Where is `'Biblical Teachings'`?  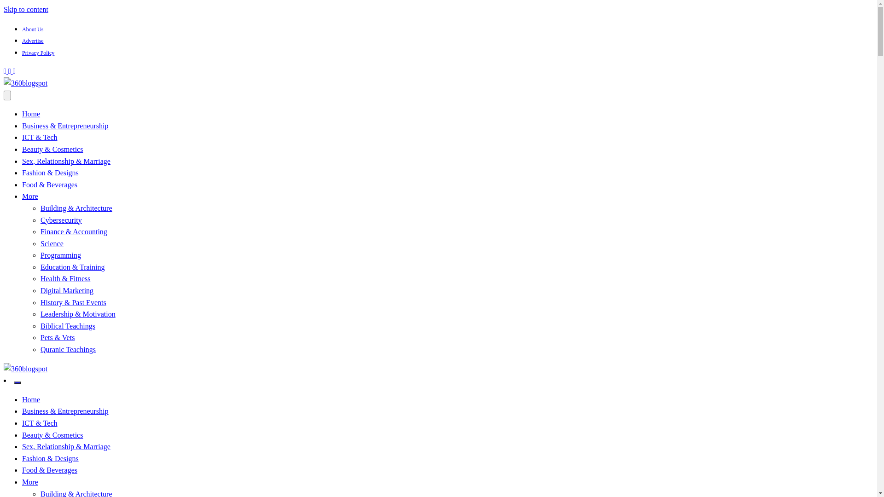
'Biblical Teachings' is located at coordinates (40, 325).